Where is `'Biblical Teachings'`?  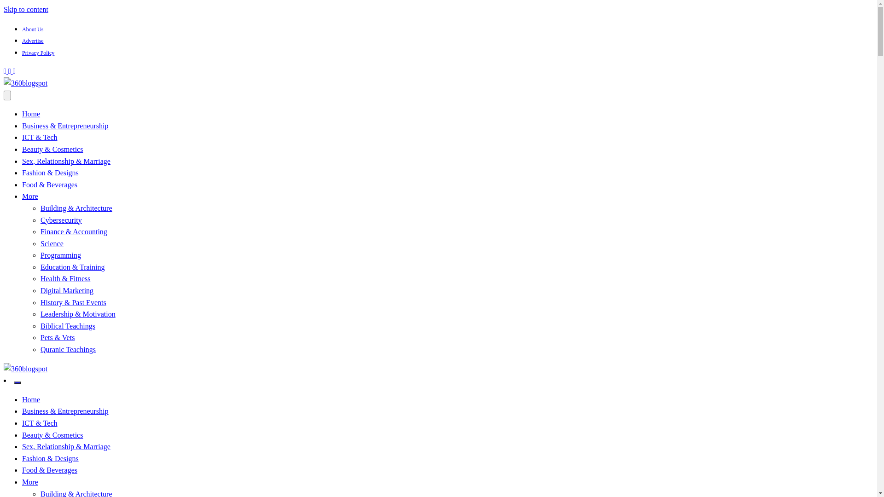
'Biblical Teachings' is located at coordinates (40, 325).